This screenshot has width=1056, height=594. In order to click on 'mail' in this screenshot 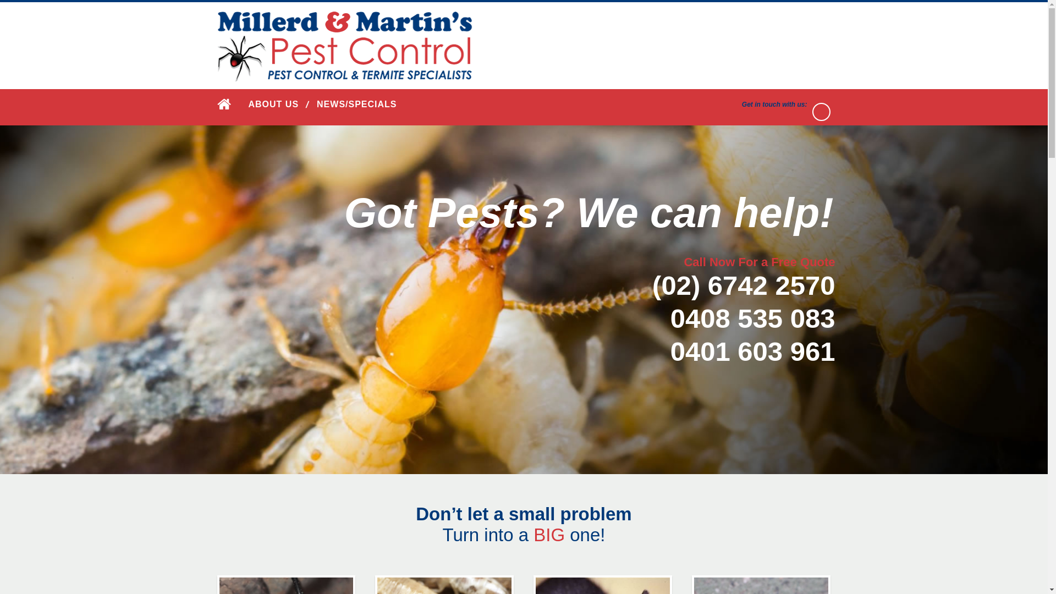, I will do `click(821, 112)`.